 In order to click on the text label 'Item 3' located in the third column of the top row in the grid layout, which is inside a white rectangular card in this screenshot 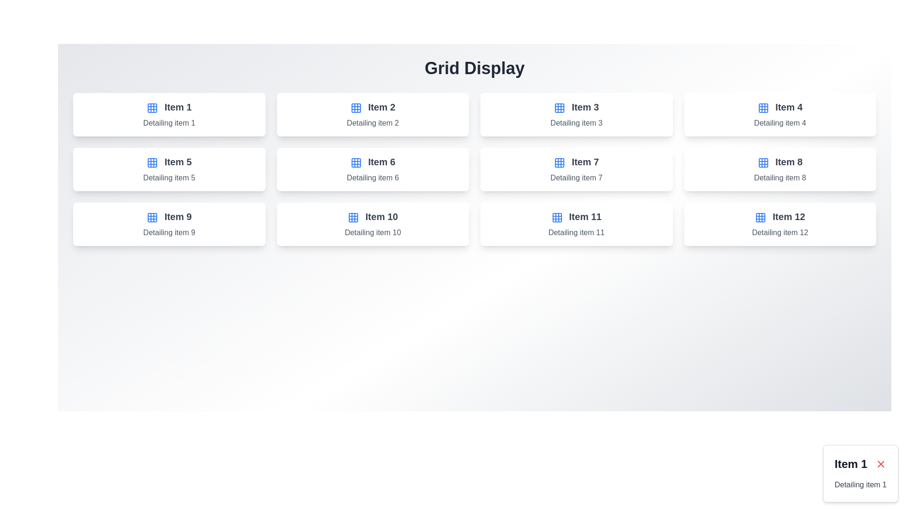, I will do `click(576, 107)`.